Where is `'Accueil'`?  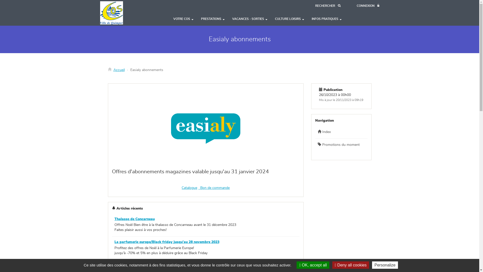 'Accueil' is located at coordinates (120, 12).